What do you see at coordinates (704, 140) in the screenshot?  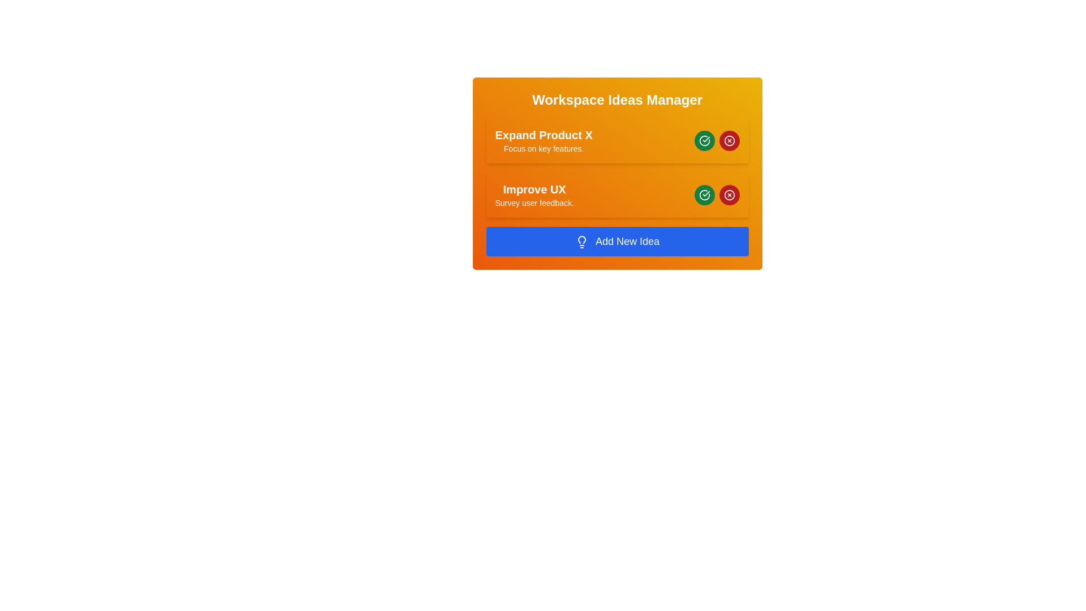 I see `the green circular checkmark icon within the interactive button located in the second row next to the 'Improve UX' section to confirm the associated idea` at bounding box center [704, 140].